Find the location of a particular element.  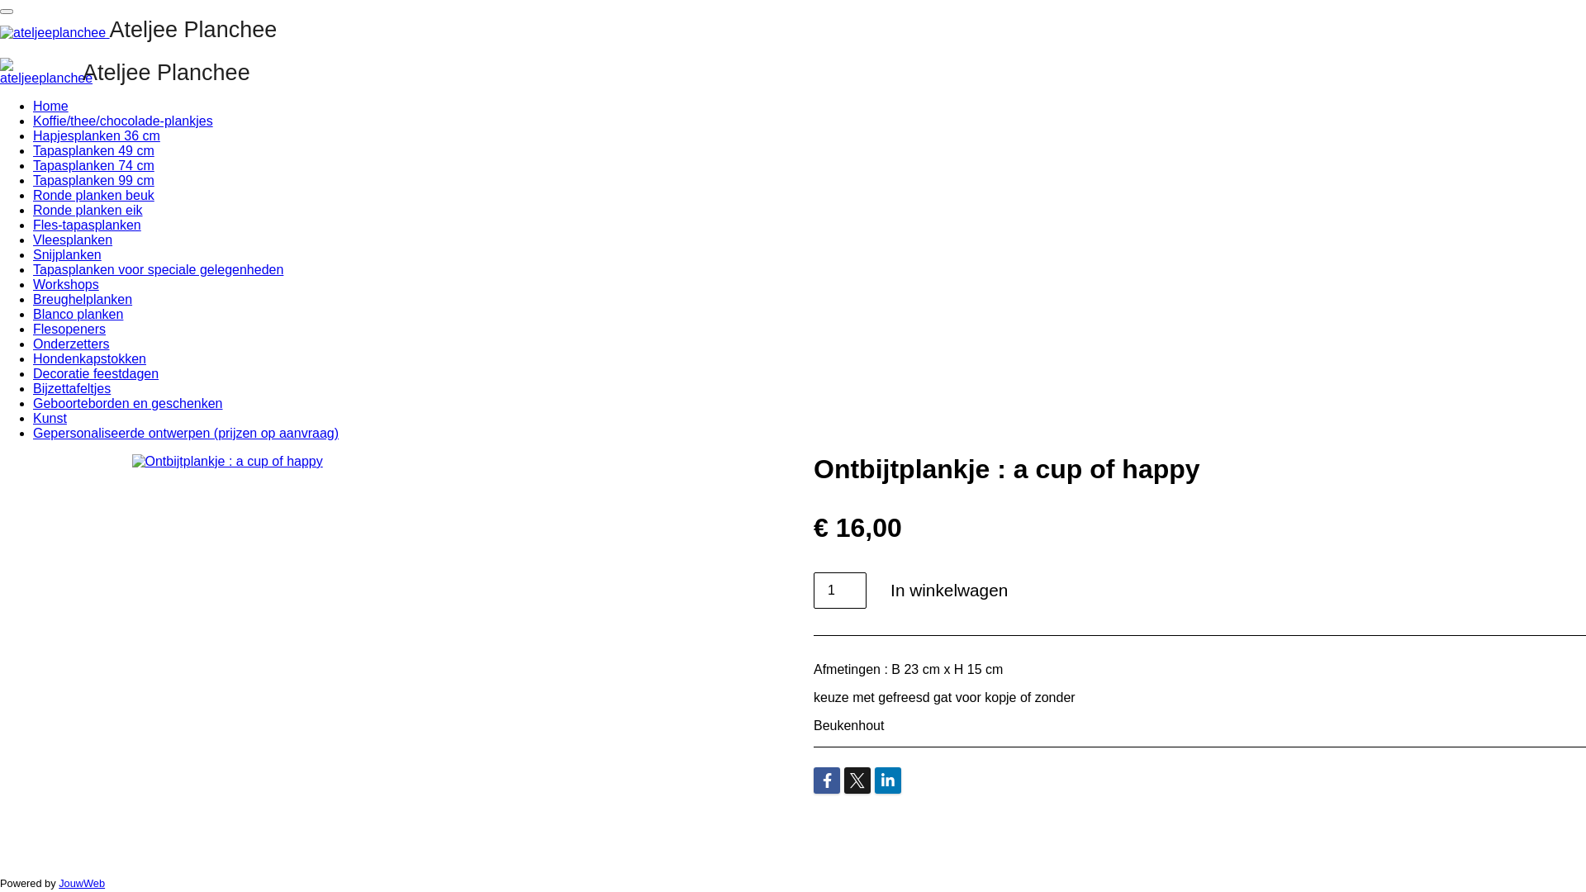

'Fles-tapasplanken' is located at coordinates (86, 225).